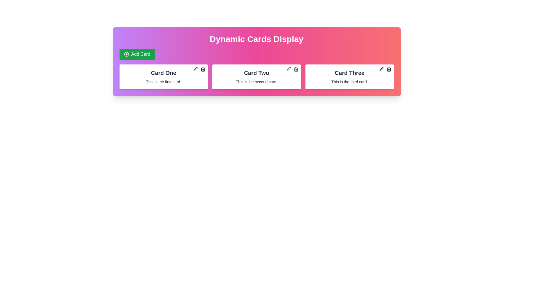 The height and width of the screenshot is (304, 540). What do you see at coordinates (163, 82) in the screenshot?
I see `the static text element that summarizes the main idea of 'Card One', positioned at the bottom center of the first card` at bounding box center [163, 82].